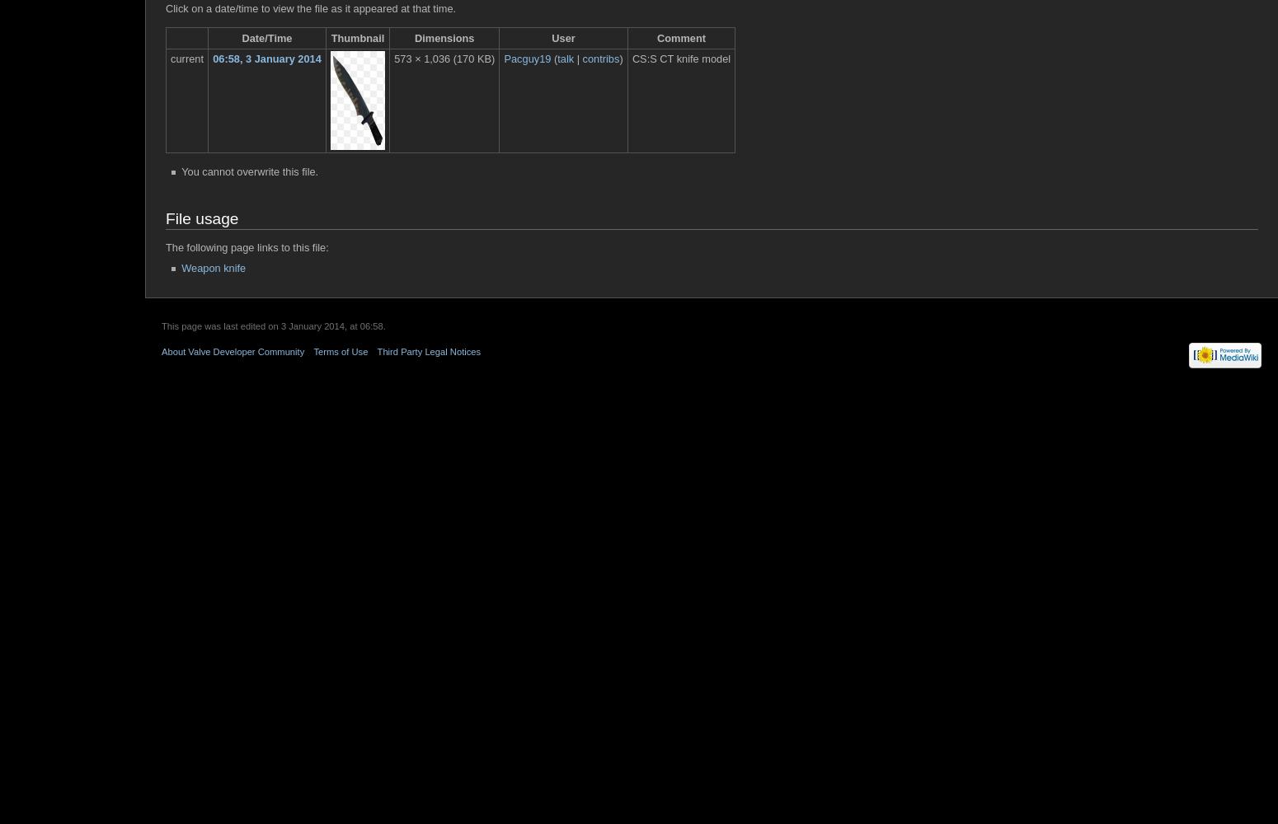 The height and width of the screenshot is (824, 1278). What do you see at coordinates (186, 58) in the screenshot?
I see `'current'` at bounding box center [186, 58].